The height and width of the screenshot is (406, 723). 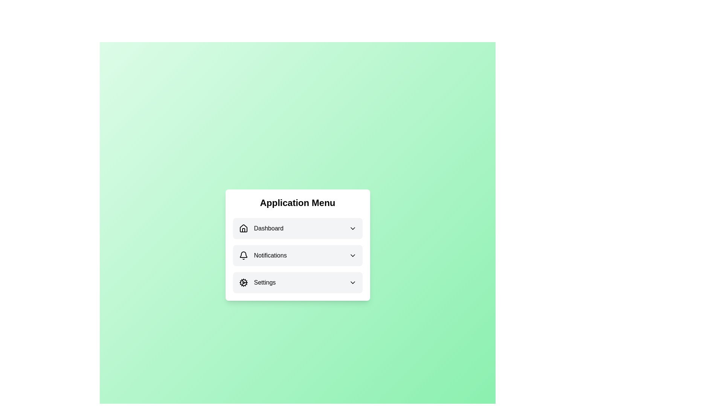 I want to click on the cogwheel icon indicating the settings section located to the left of the 'Settings' label in the bottom row of the 'Application Menu', so click(x=243, y=283).